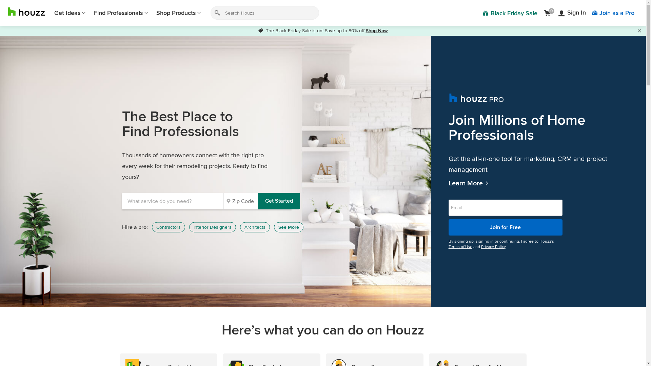 The width and height of the screenshot is (651, 366). What do you see at coordinates (312, 30) in the screenshot?
I see `'The Black Friday Sale is on! Save up to 80% off '` at bounding box center [312, 30].